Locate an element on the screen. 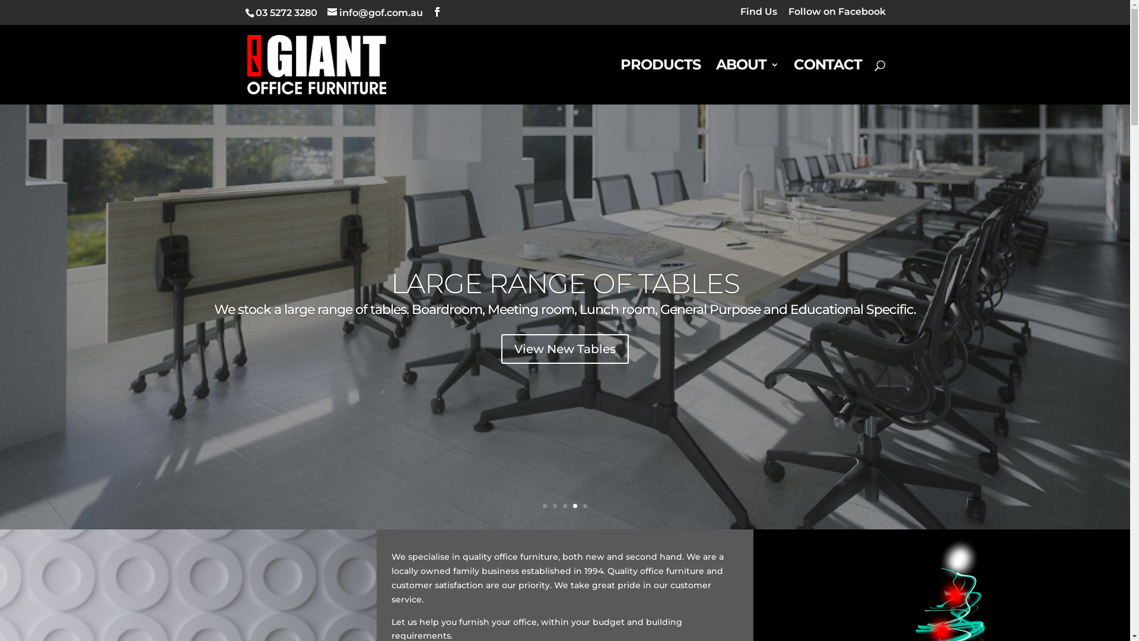  '3' is located at coordinates (564, 506).